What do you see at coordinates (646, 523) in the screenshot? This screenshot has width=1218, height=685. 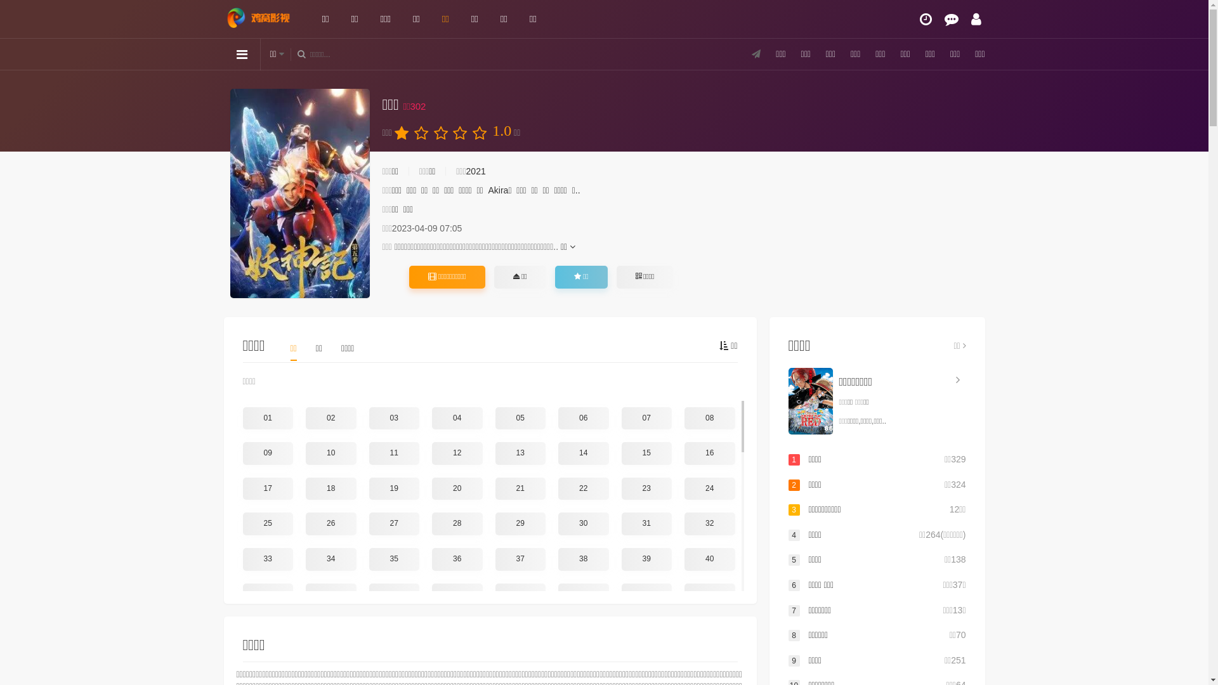 I see `'31'` at bounding box center [646, 523].